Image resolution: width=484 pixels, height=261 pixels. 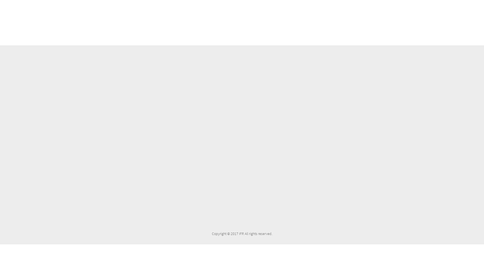 What do you see at coordinates (187, 66) in the screenshot?
I see `'Blog D365'` at bounding box center [187, 66].